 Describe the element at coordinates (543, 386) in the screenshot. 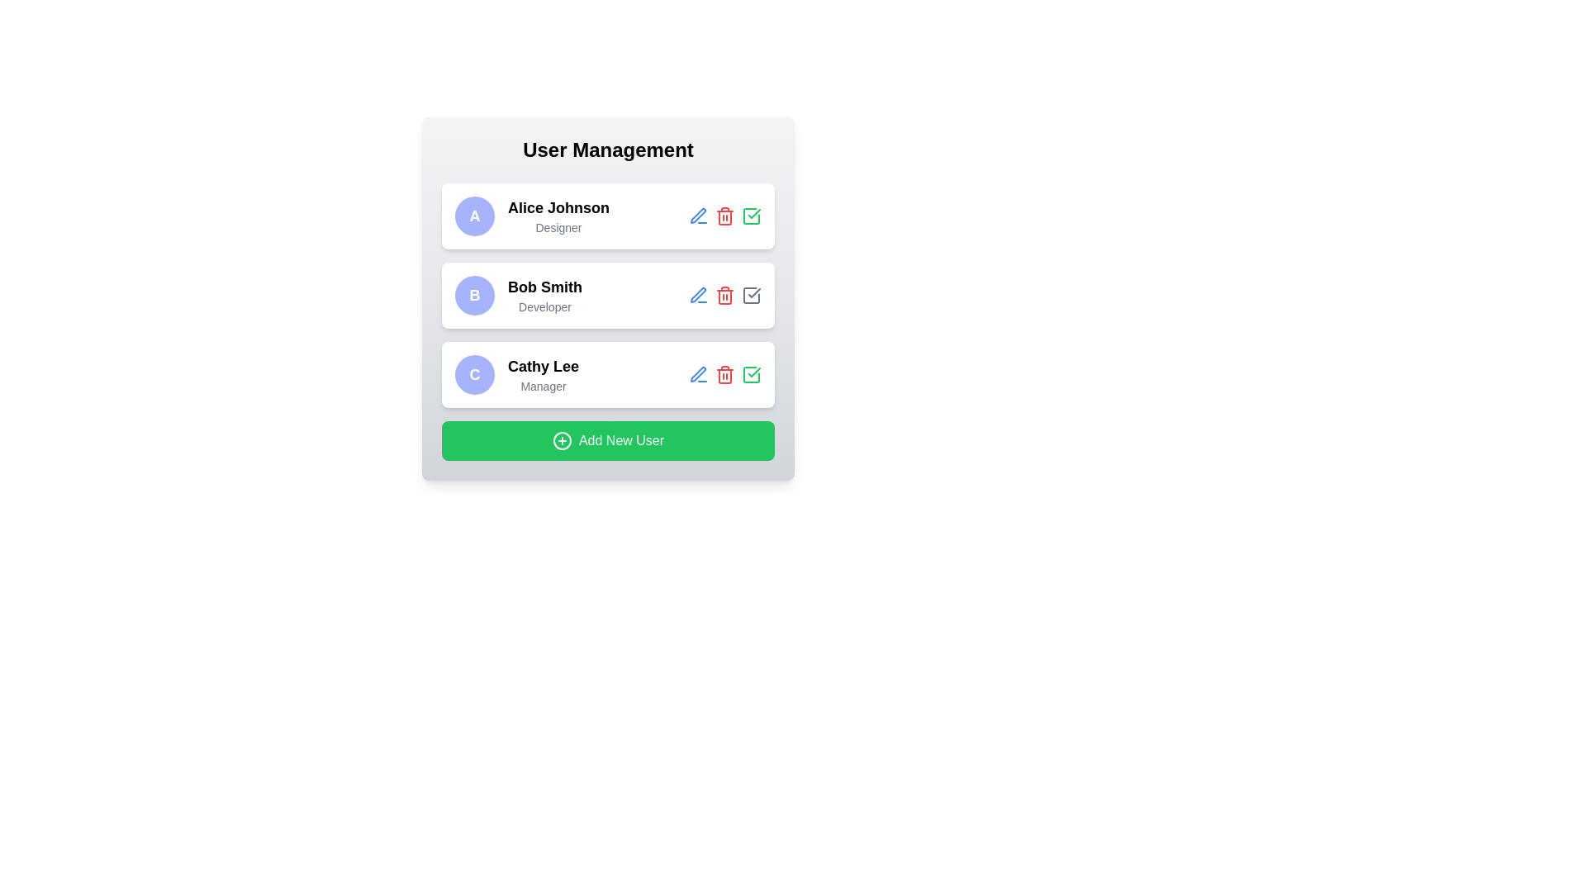

I see `the static text label displaying 'Manager' located below the bold 'Cathy Lee' identifier within the user card layout` at that location.